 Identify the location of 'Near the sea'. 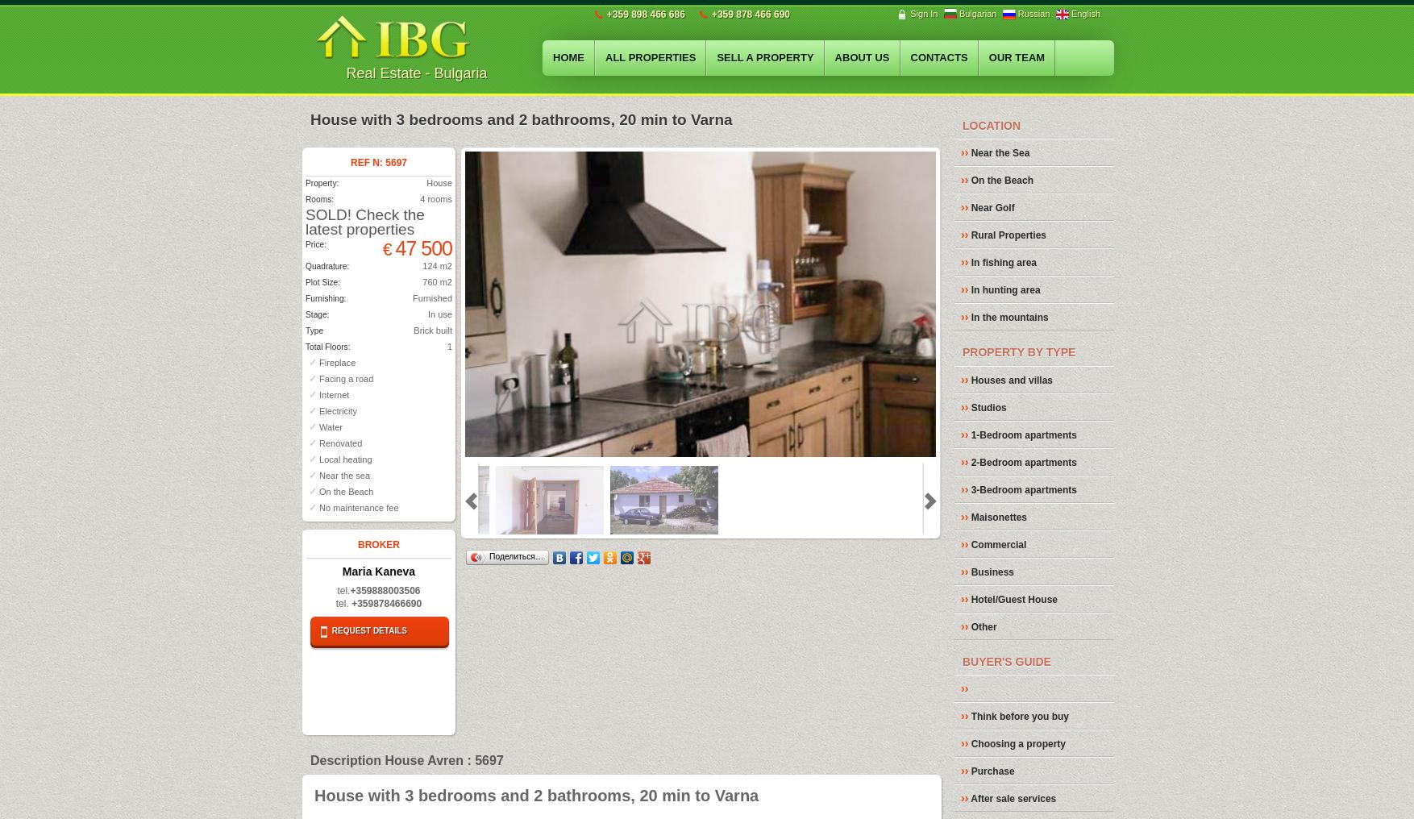
(344, 475).